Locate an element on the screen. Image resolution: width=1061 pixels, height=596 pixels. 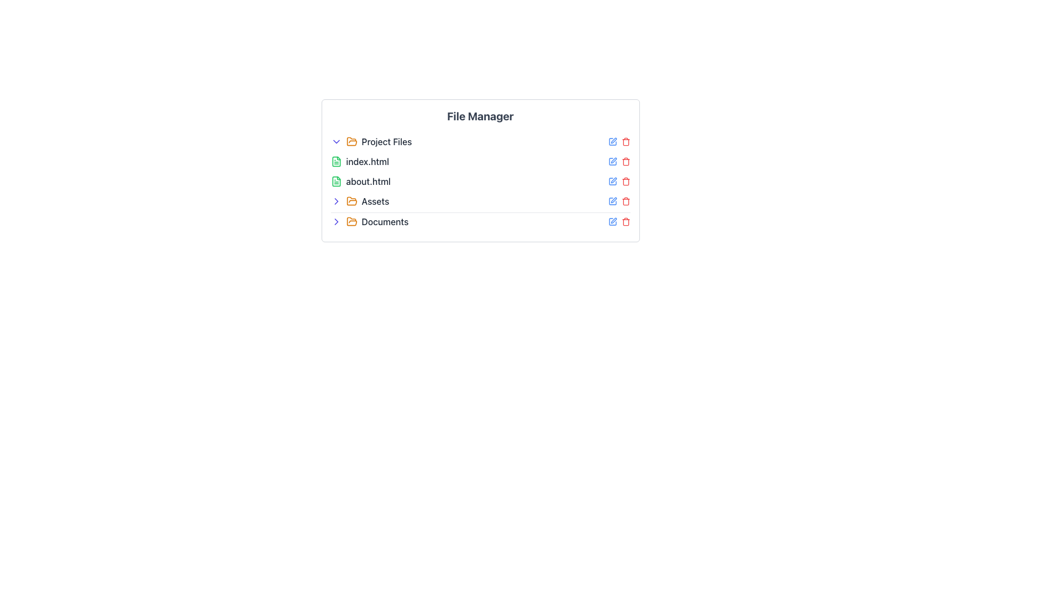
the open folder icon located to the left of the 'Assets' label in the File Manager interface, which is currently selected and accessible, to access related text or buttons nearby is located at coordinates (351, 201).